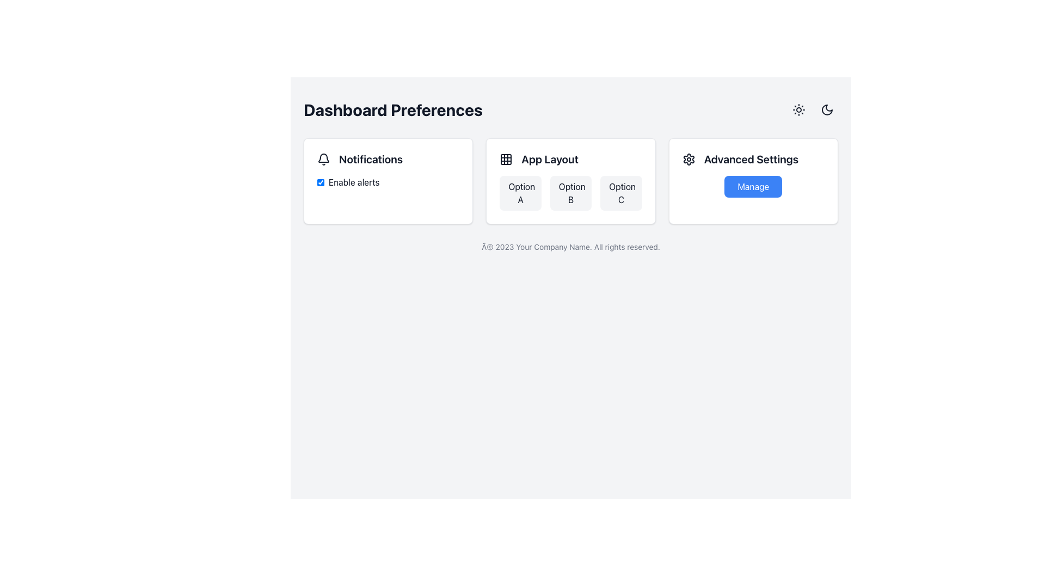 The image size is (1045, 588). What do you see at coordinates (688, 160) in the screenshot?
I see `the settings icon located at the top-right section of the interface` at bounding box center [688, 160].